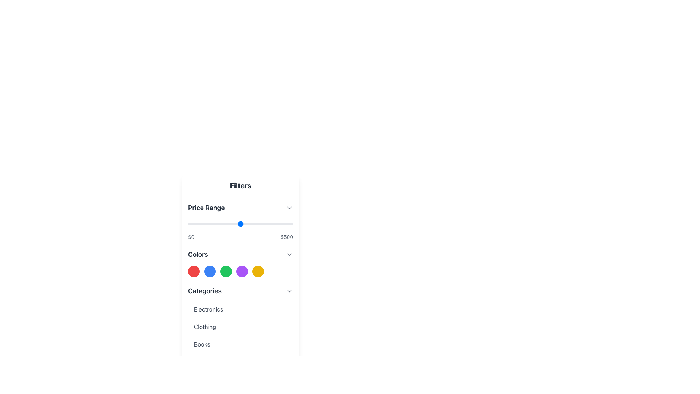 This screenshot has height=394, width=700. Describe the element at coordinates (225, 271) in the screenshot. I see `the third circle Selectable button for color options located under the 'Colors' label` at that location.